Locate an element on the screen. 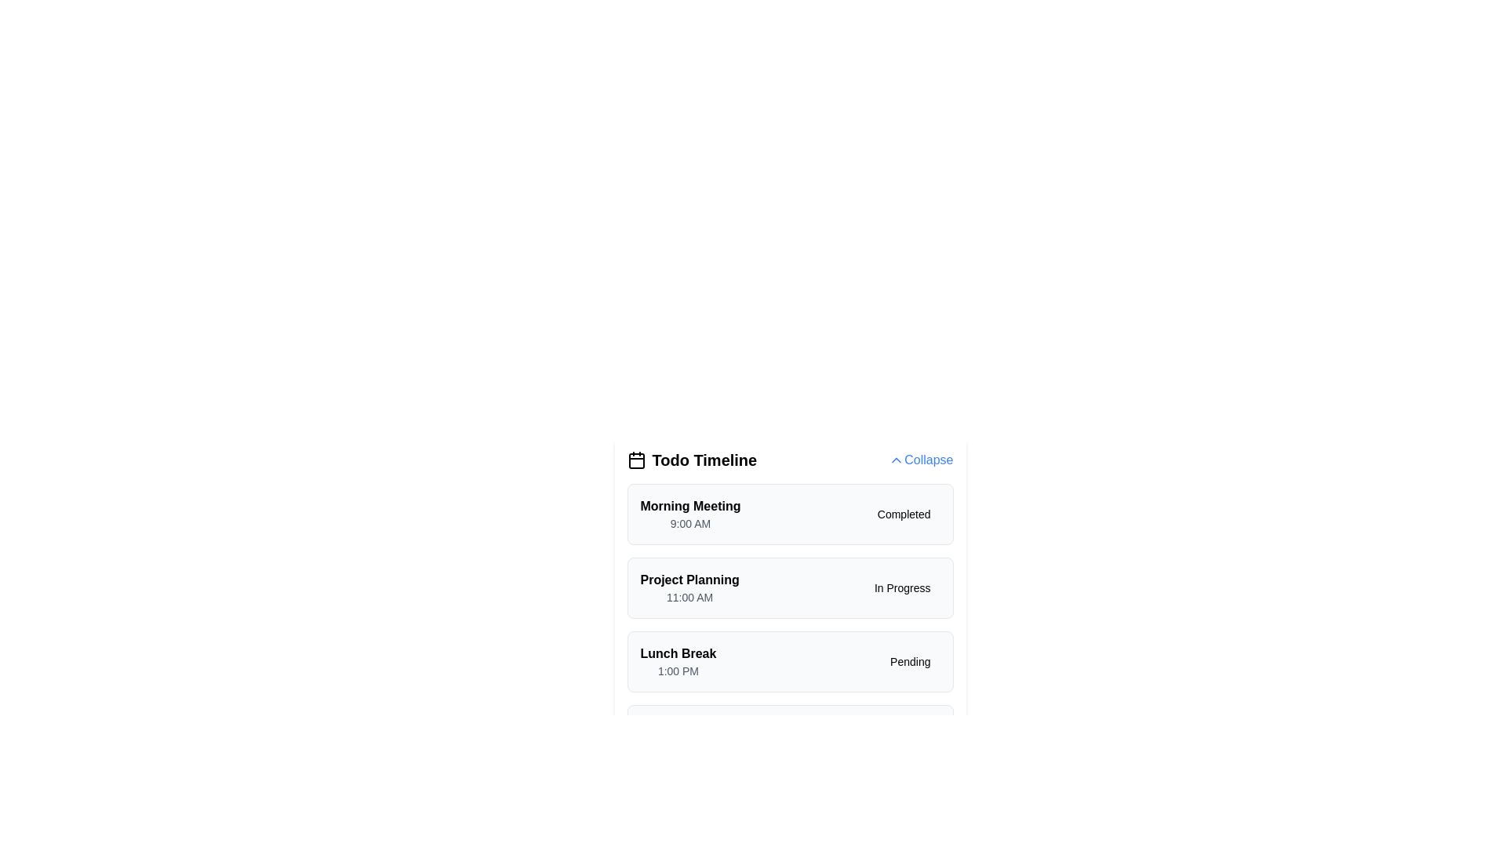 The image size is (1506, 847). text content of the Text Block that displays 'Morning Meeting' and '9:00 AM', located above 'Project Planning 11:00 AM' in the Todo Timeline is located at coordinates (690, 514).